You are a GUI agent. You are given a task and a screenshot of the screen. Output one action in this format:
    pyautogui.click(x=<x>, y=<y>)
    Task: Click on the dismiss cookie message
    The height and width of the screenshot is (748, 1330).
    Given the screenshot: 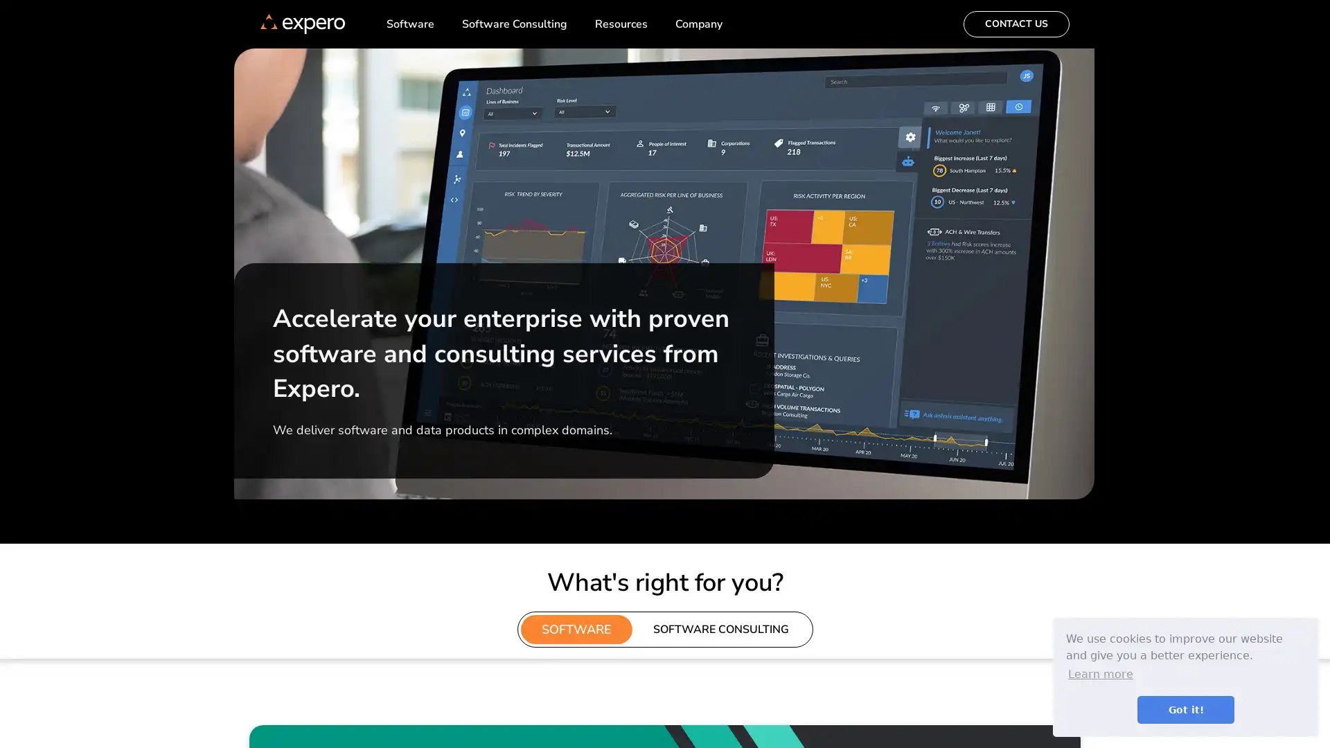 What is the action you would take?
    pyautogui.click(x=1185, y=709)
    